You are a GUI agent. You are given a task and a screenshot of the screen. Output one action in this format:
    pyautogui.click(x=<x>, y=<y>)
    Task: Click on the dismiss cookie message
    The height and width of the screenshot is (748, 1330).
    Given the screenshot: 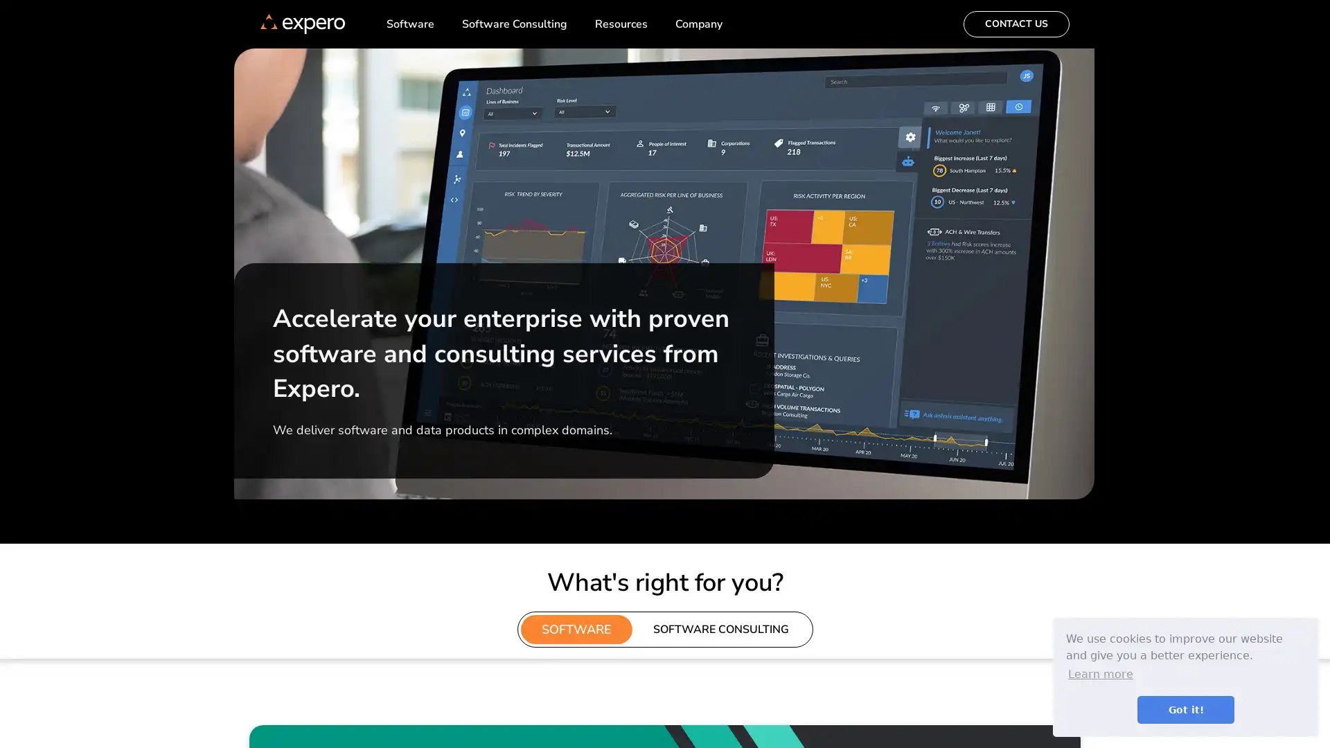 What is the action you would take?
    pyautogui.click(x=1185, y=709)
    